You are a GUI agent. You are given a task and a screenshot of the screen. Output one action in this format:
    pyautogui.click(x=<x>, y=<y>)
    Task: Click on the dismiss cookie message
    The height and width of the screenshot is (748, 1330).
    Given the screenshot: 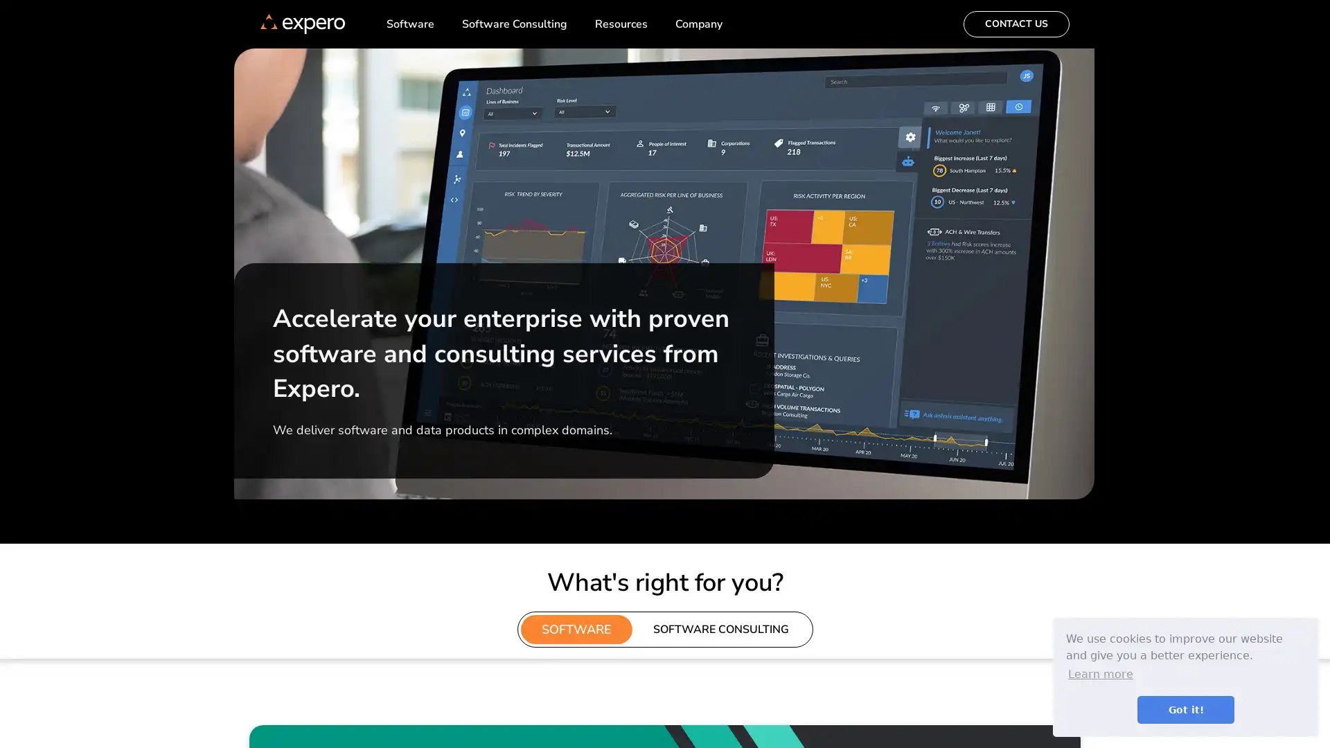 What is the action you would take?
    pyautogui.click(x=1185, y=709)
    